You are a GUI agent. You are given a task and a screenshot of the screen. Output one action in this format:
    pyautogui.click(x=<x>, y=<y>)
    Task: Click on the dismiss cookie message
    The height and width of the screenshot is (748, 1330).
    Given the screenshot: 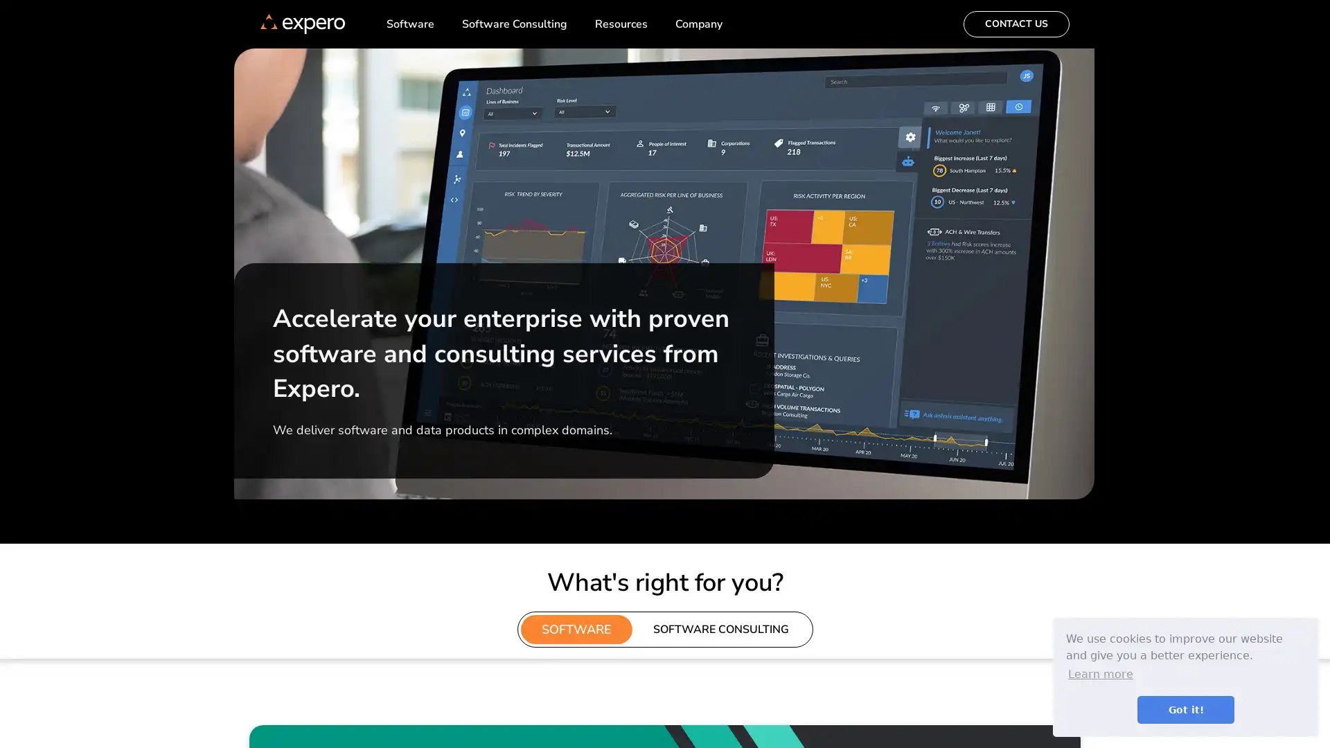 What is the action you would take?
    pyautogui.click(x=1185, y=709)
    